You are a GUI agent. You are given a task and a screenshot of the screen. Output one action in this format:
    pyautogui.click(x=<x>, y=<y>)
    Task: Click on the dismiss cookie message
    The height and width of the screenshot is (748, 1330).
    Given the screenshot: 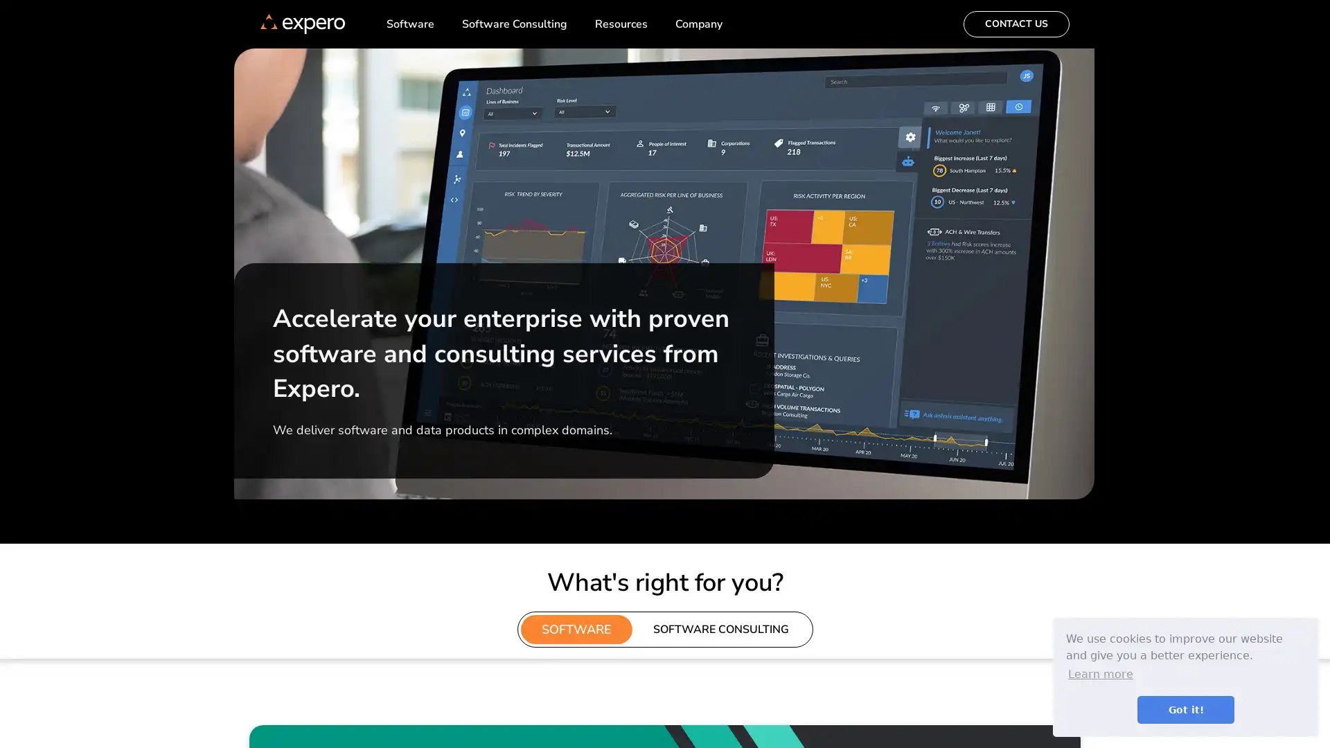 What is the action you would take?
    pyautogui.click(x=1185, y=709)
    